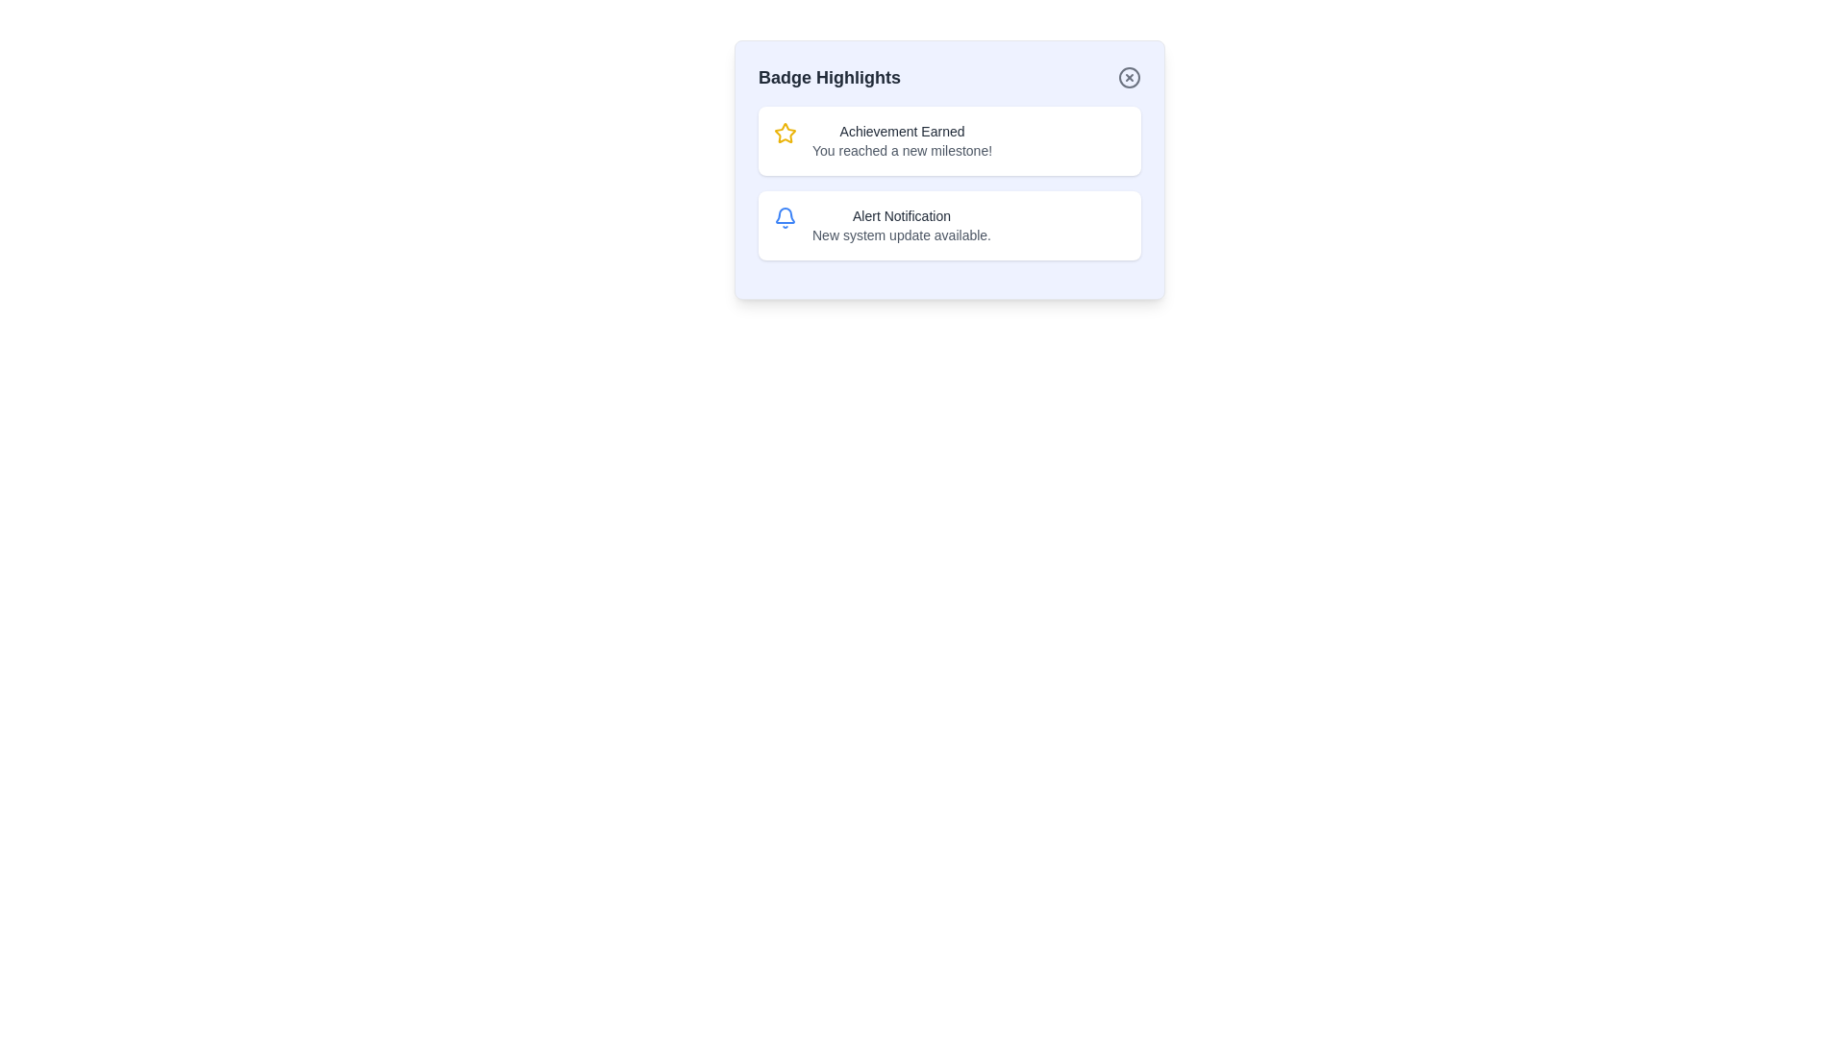 The image size is (1846, 1038). What do you see at coordinates (785, 132) in the screenshot?
I see `the visually prominent yellow star icon, which is part of the achievement message located in the first notification card under the 'Badge Highlights' section, to the left of the text 'Achievement Earned' and 'You reached a new milestone!'` at bounding box center [785, 132].